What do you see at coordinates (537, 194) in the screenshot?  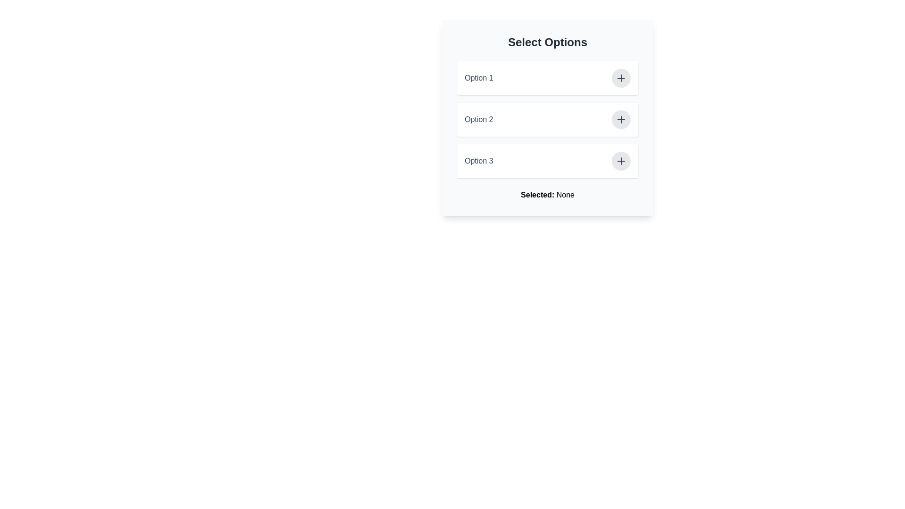 I see `the bolded text label displaying 'Selected:' which is located at the bottom of the visible card interface, preceding the value 'None'` at bounding box center [537, 194].